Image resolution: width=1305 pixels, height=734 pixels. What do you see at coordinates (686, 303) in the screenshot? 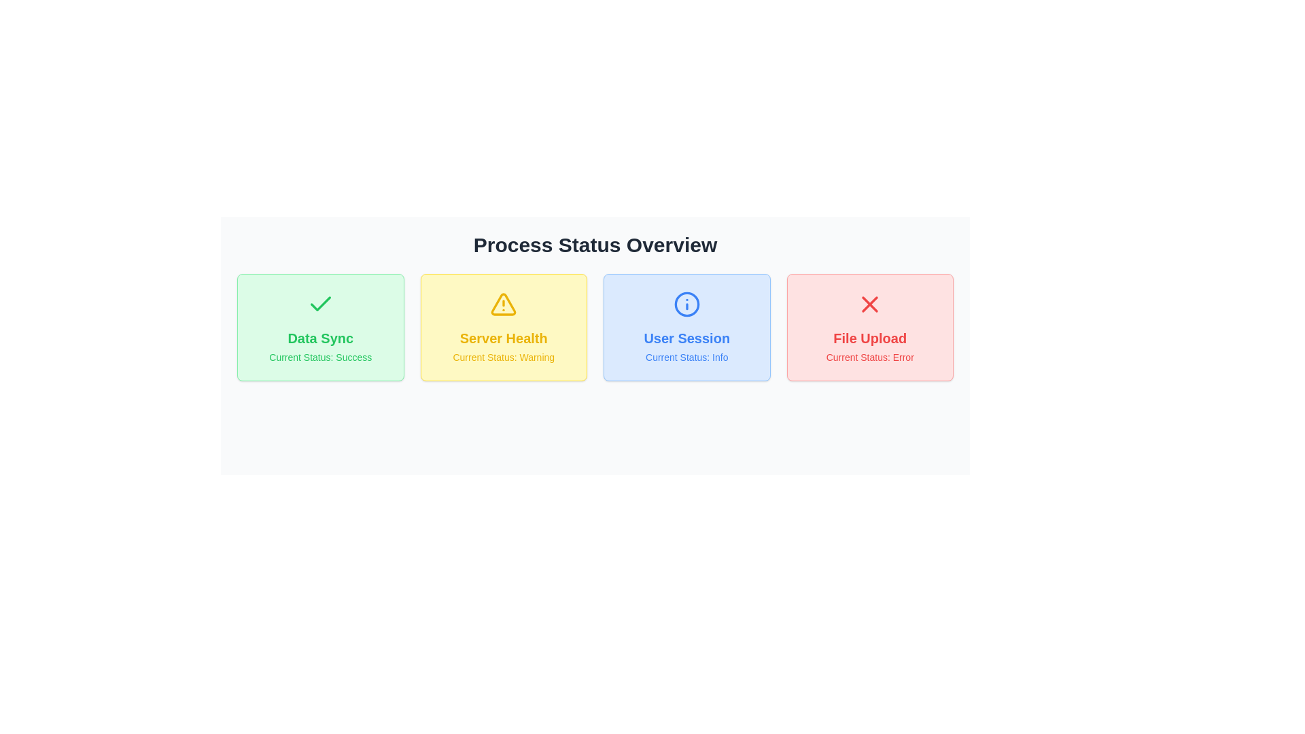
I see `the circular outline that visually supports the 'i' icon within the 'User Session' card` at bounding box center [686, 303].